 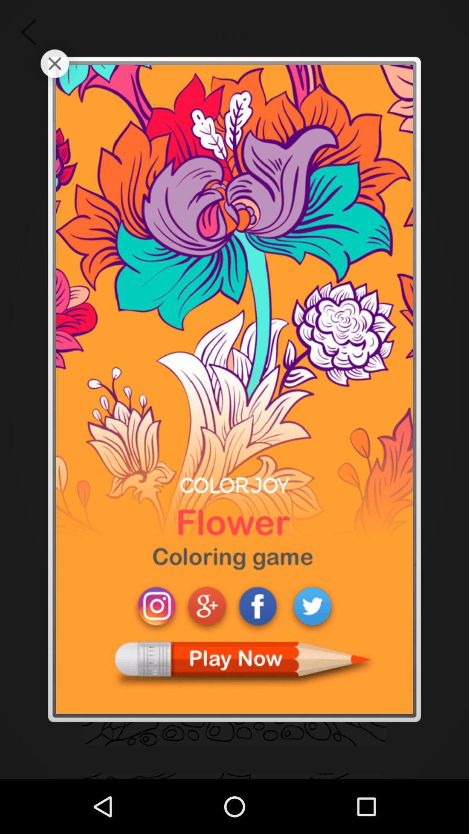 I want to click on choose the game, so click(x=234, y=389).